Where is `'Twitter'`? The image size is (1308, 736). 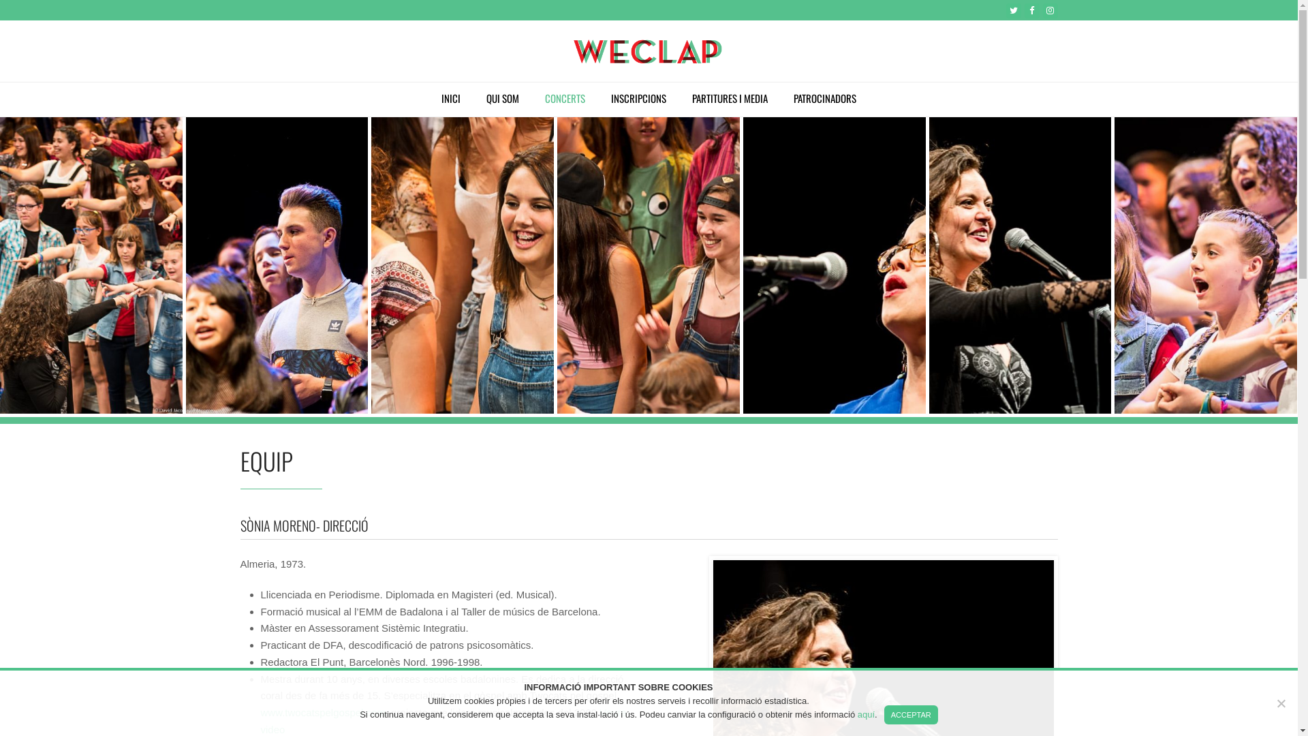
'Twitter' is located at coordinates (1006, 10).